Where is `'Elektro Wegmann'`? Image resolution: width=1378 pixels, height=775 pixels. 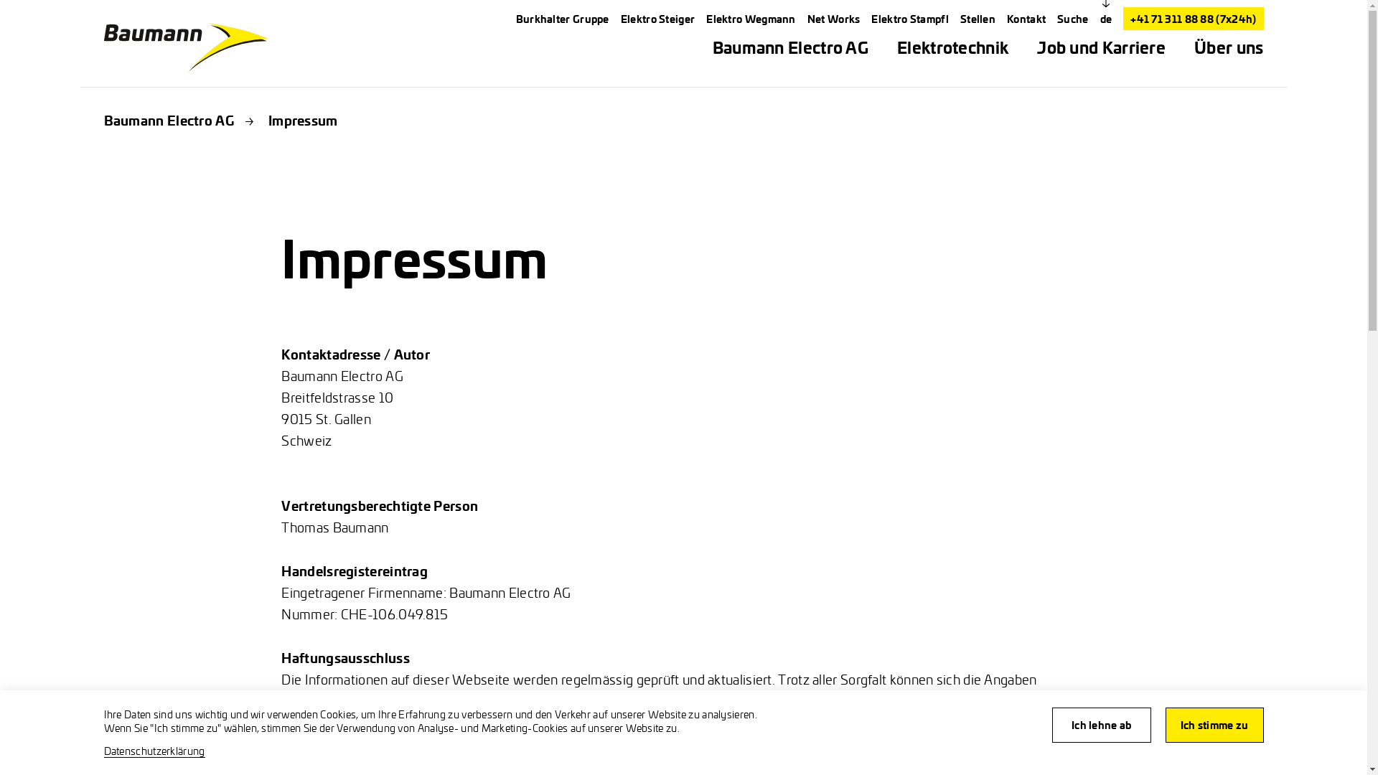 'Elektro Wegmann' is located at coordinates (750, 19).